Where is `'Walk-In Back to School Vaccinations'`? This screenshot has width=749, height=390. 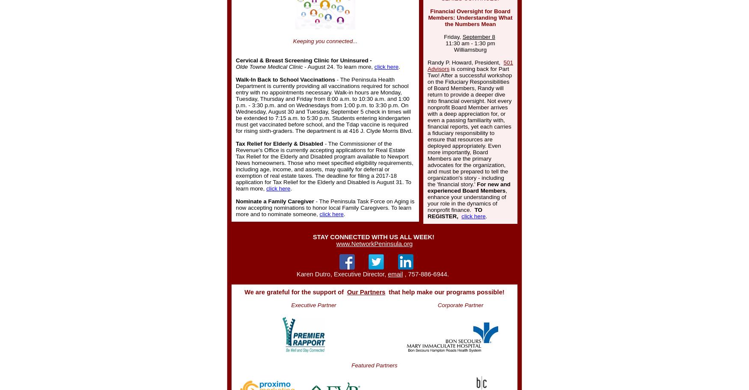 'Walk-In Back to School Vaccinations' is located at coordinates (235, 79).